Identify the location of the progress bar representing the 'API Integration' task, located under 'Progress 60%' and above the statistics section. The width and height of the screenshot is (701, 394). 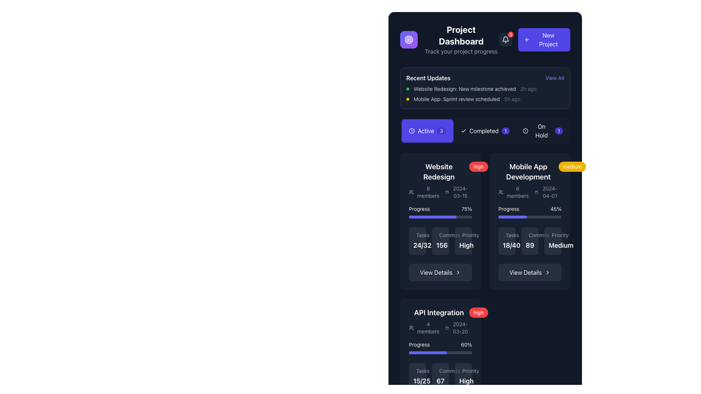
(428, 352).